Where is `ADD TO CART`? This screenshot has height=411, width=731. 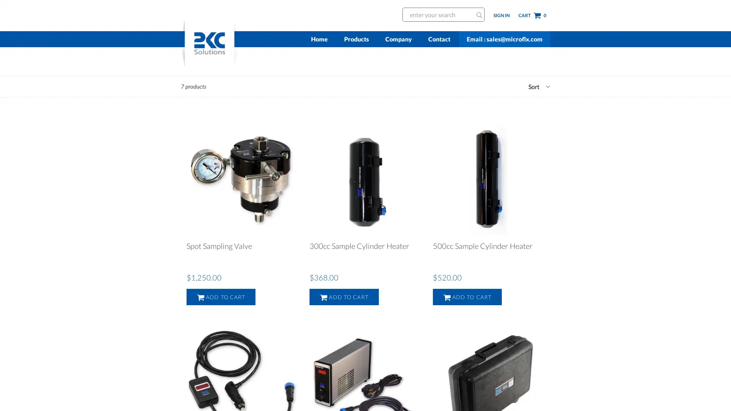
ADD TO CART is located at coordinates (467, 296).